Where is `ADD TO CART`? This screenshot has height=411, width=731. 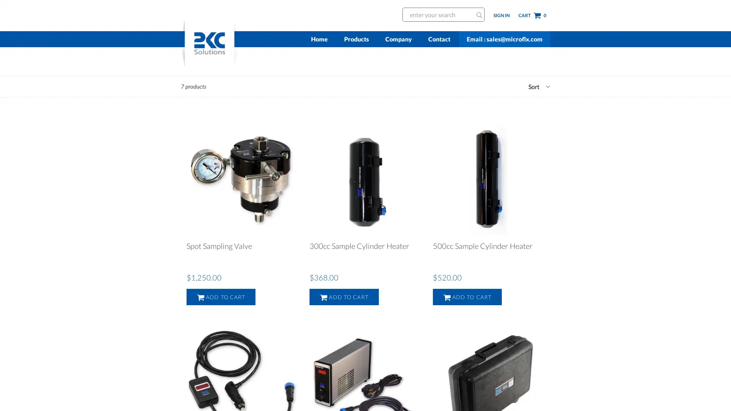
ADD TO CART is located at coordinates (467, 296).